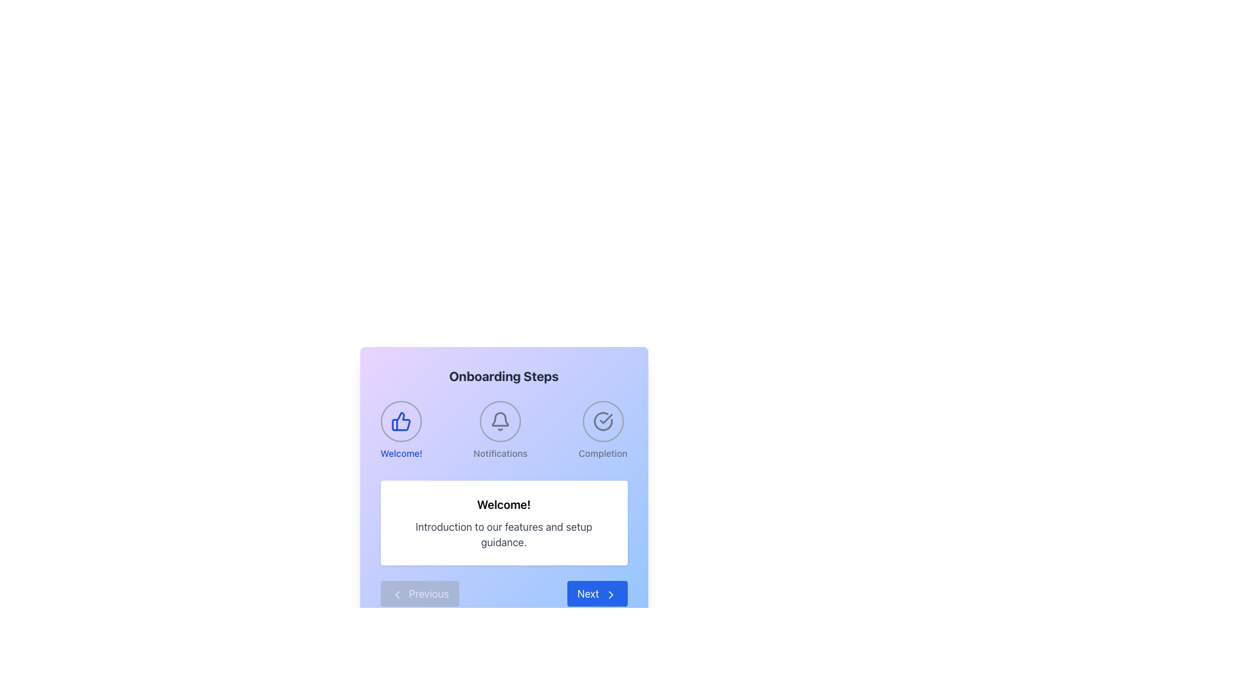 Image resolution: width=1235 pixels, height=694 pixels. Describe the element at coordinates (610, 594) in the screenshot. I see `the chevron arrow icon located at the center of the 'Next' button in the bottom-right of the onboarding interface, which indicates progression to the next step` at that location.